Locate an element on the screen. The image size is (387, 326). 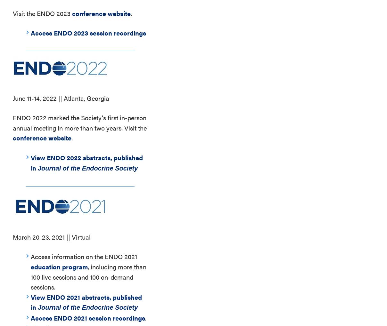
'Access ENDO 2021 session recordings' is located at coordinates (30, 317).